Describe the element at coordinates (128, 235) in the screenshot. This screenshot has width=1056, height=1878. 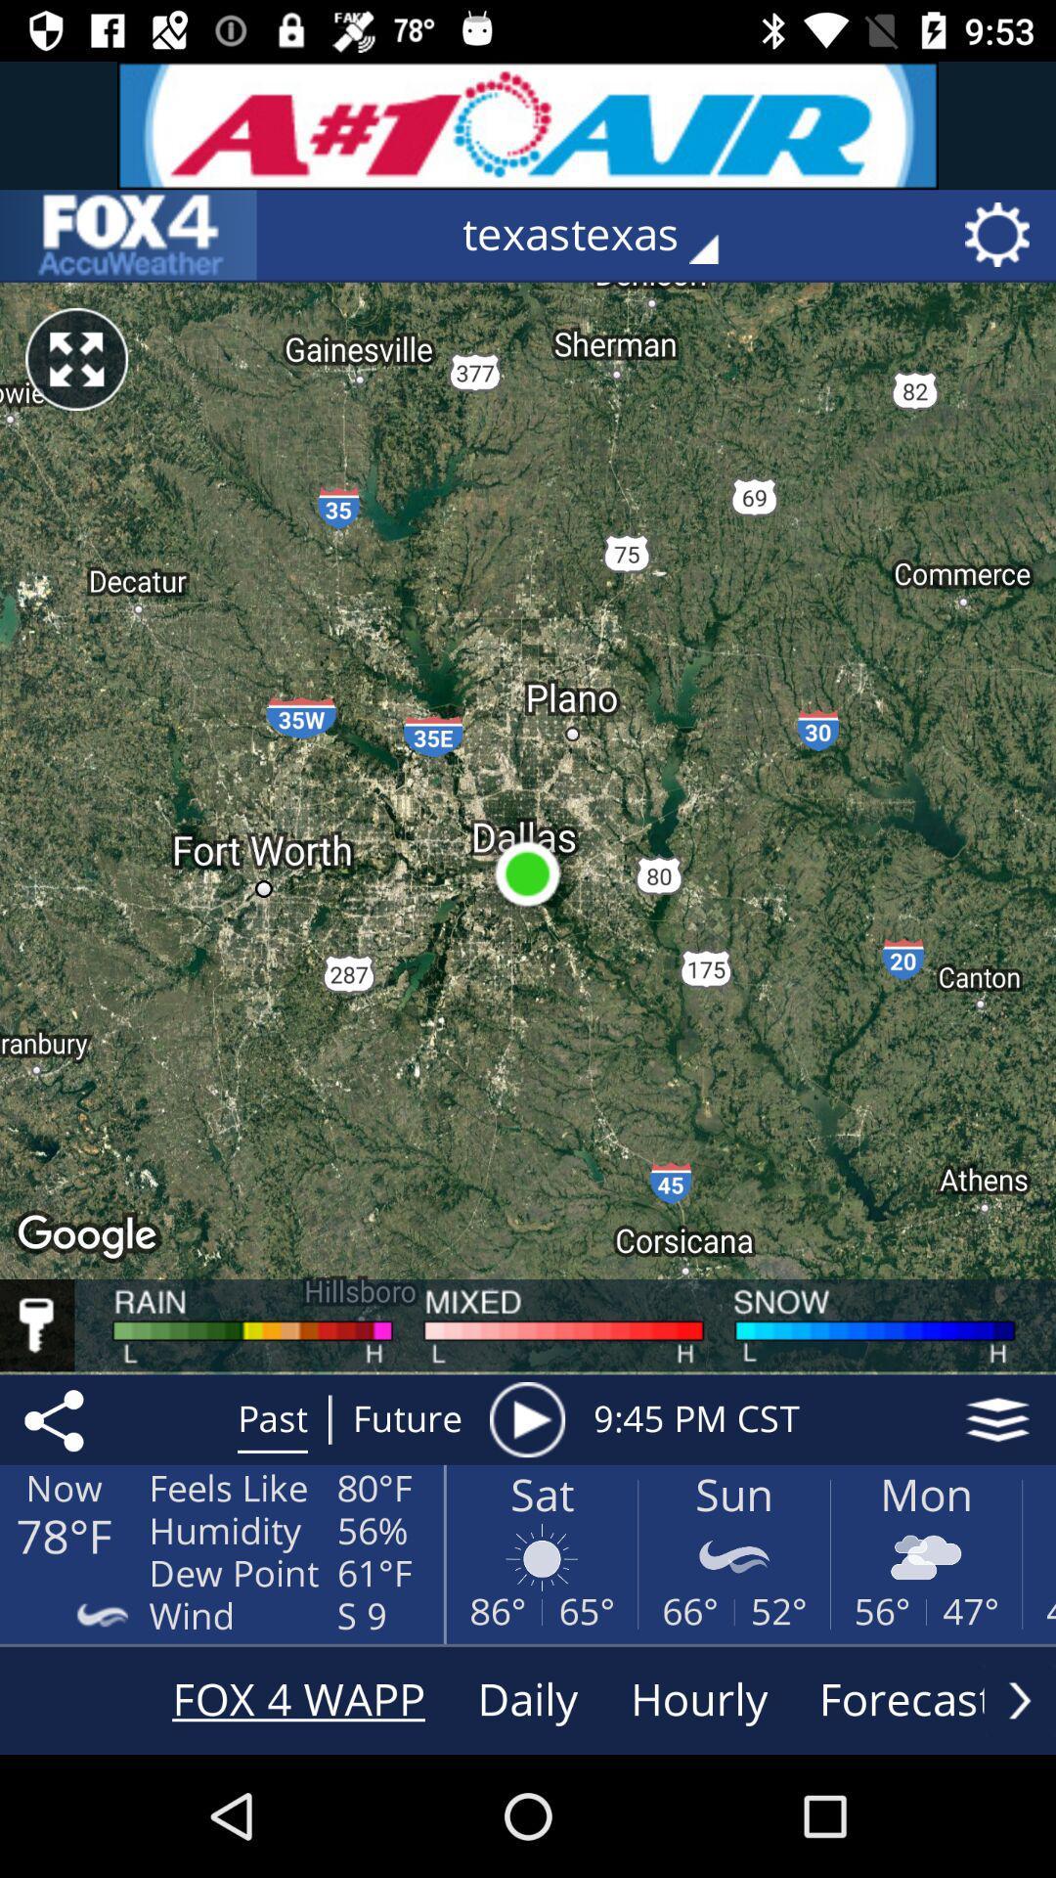
I see `the sliders icon` at that location.